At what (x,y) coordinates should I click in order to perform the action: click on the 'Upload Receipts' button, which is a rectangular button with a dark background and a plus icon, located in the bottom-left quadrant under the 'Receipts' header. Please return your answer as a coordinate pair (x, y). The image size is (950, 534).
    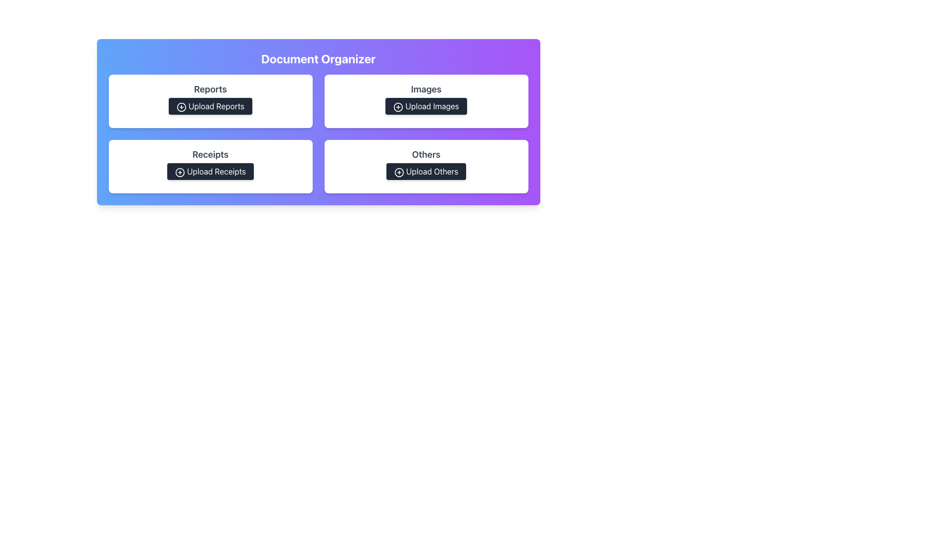
    Looking at the image, I should click on (210, 166).